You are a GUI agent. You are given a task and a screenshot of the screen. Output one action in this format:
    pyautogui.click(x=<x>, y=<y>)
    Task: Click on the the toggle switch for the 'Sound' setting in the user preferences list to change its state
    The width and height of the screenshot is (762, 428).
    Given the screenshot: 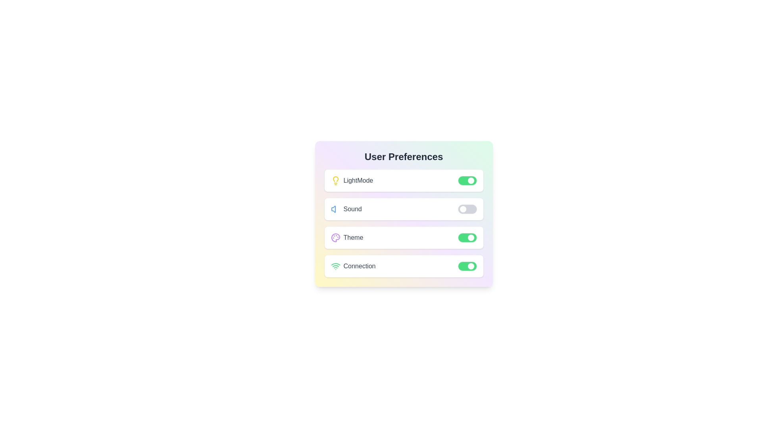 What is the action you would take?
    pyautogui.click(x=404, y=223)
    